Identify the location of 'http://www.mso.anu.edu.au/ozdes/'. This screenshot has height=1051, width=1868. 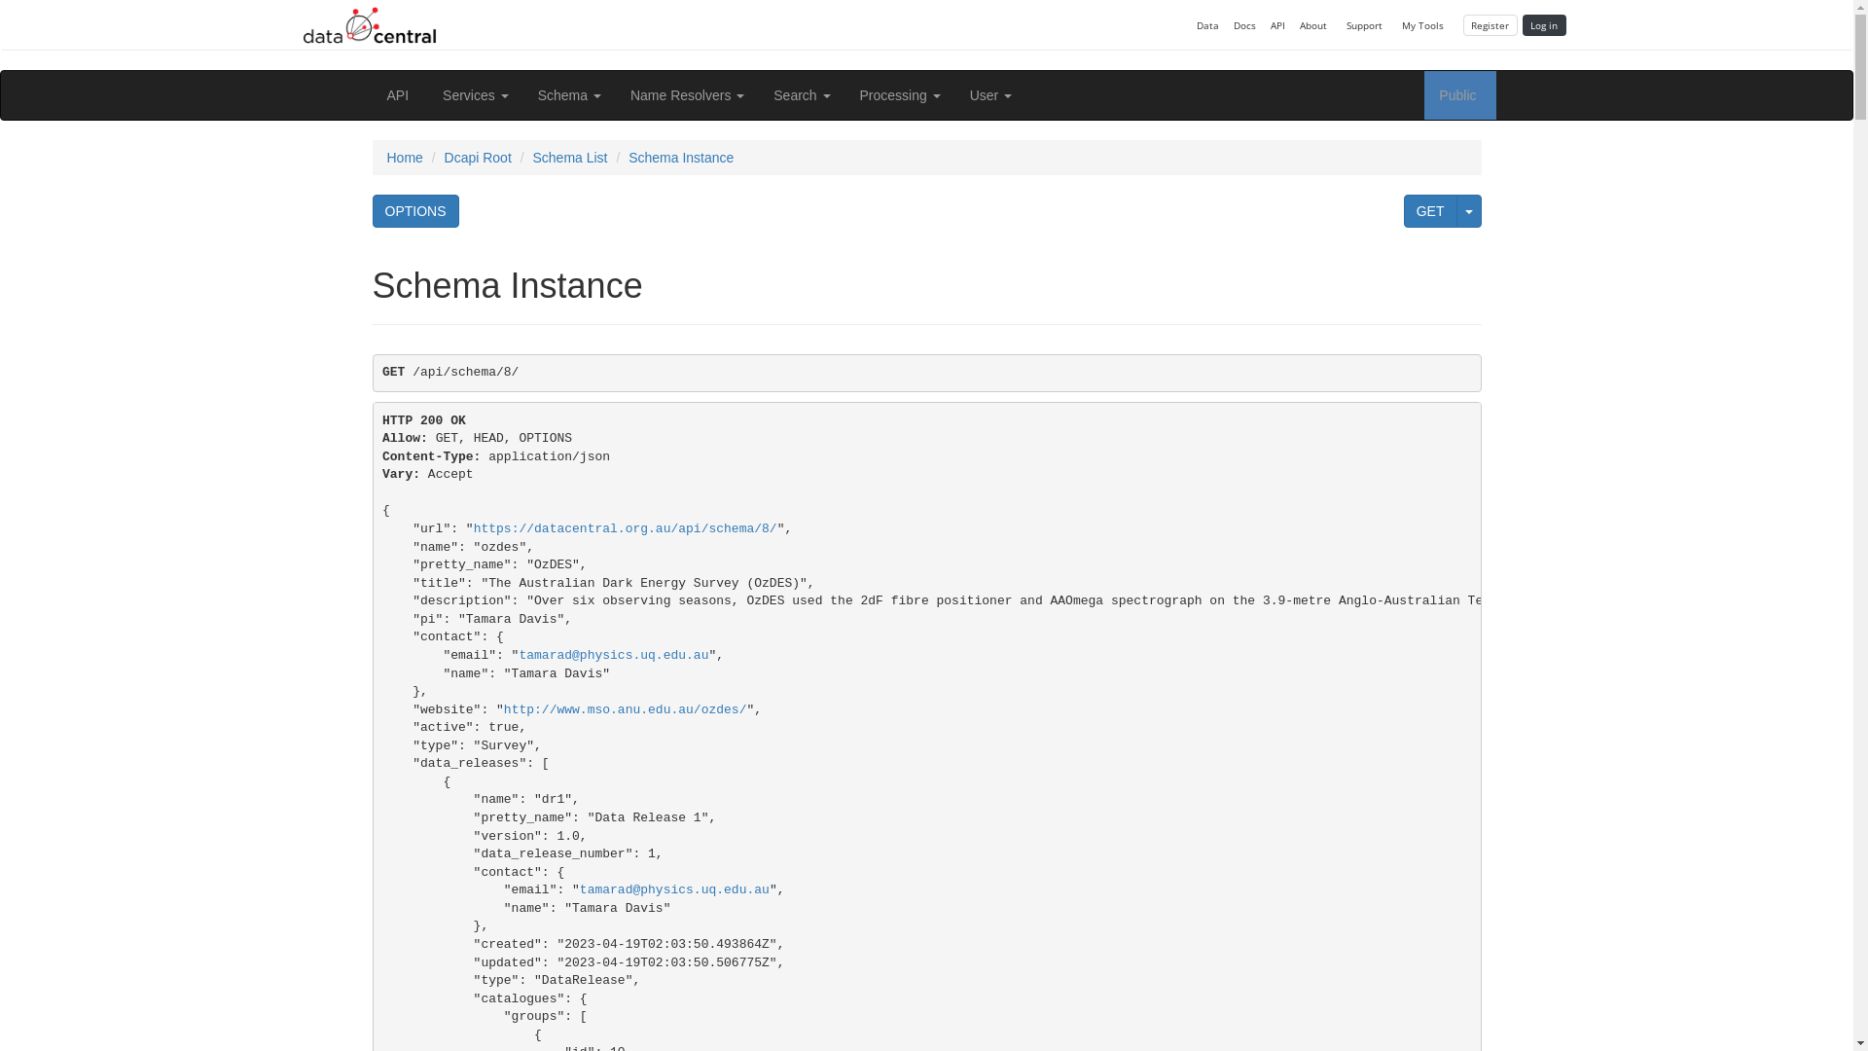
(626, 709).